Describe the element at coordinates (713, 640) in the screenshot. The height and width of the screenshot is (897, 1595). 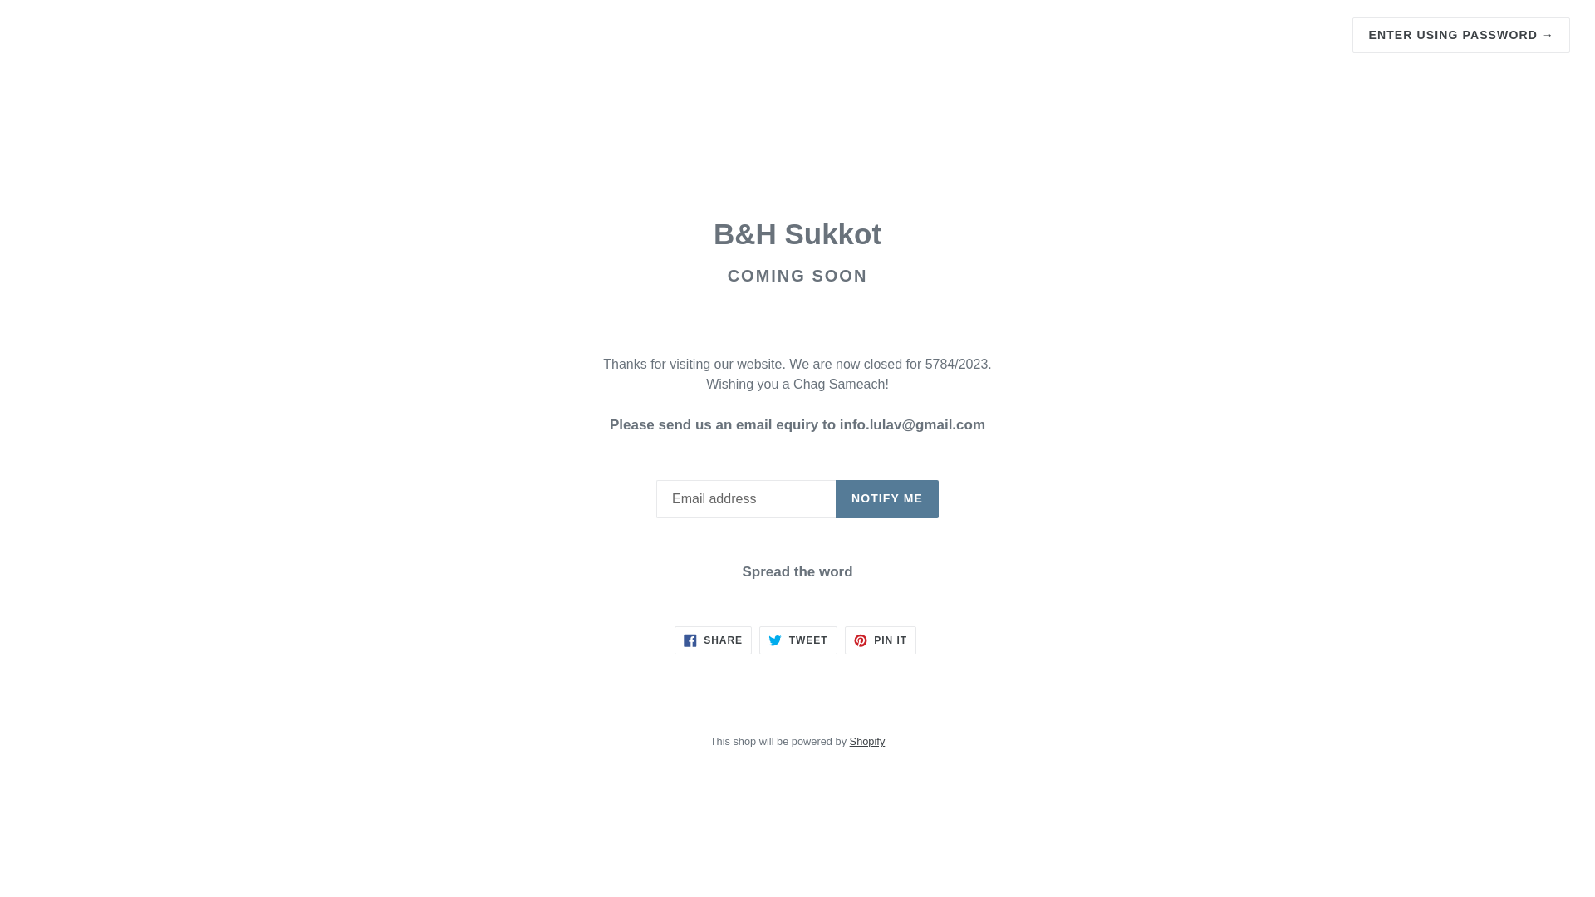
I see `'SHARE` at that location.